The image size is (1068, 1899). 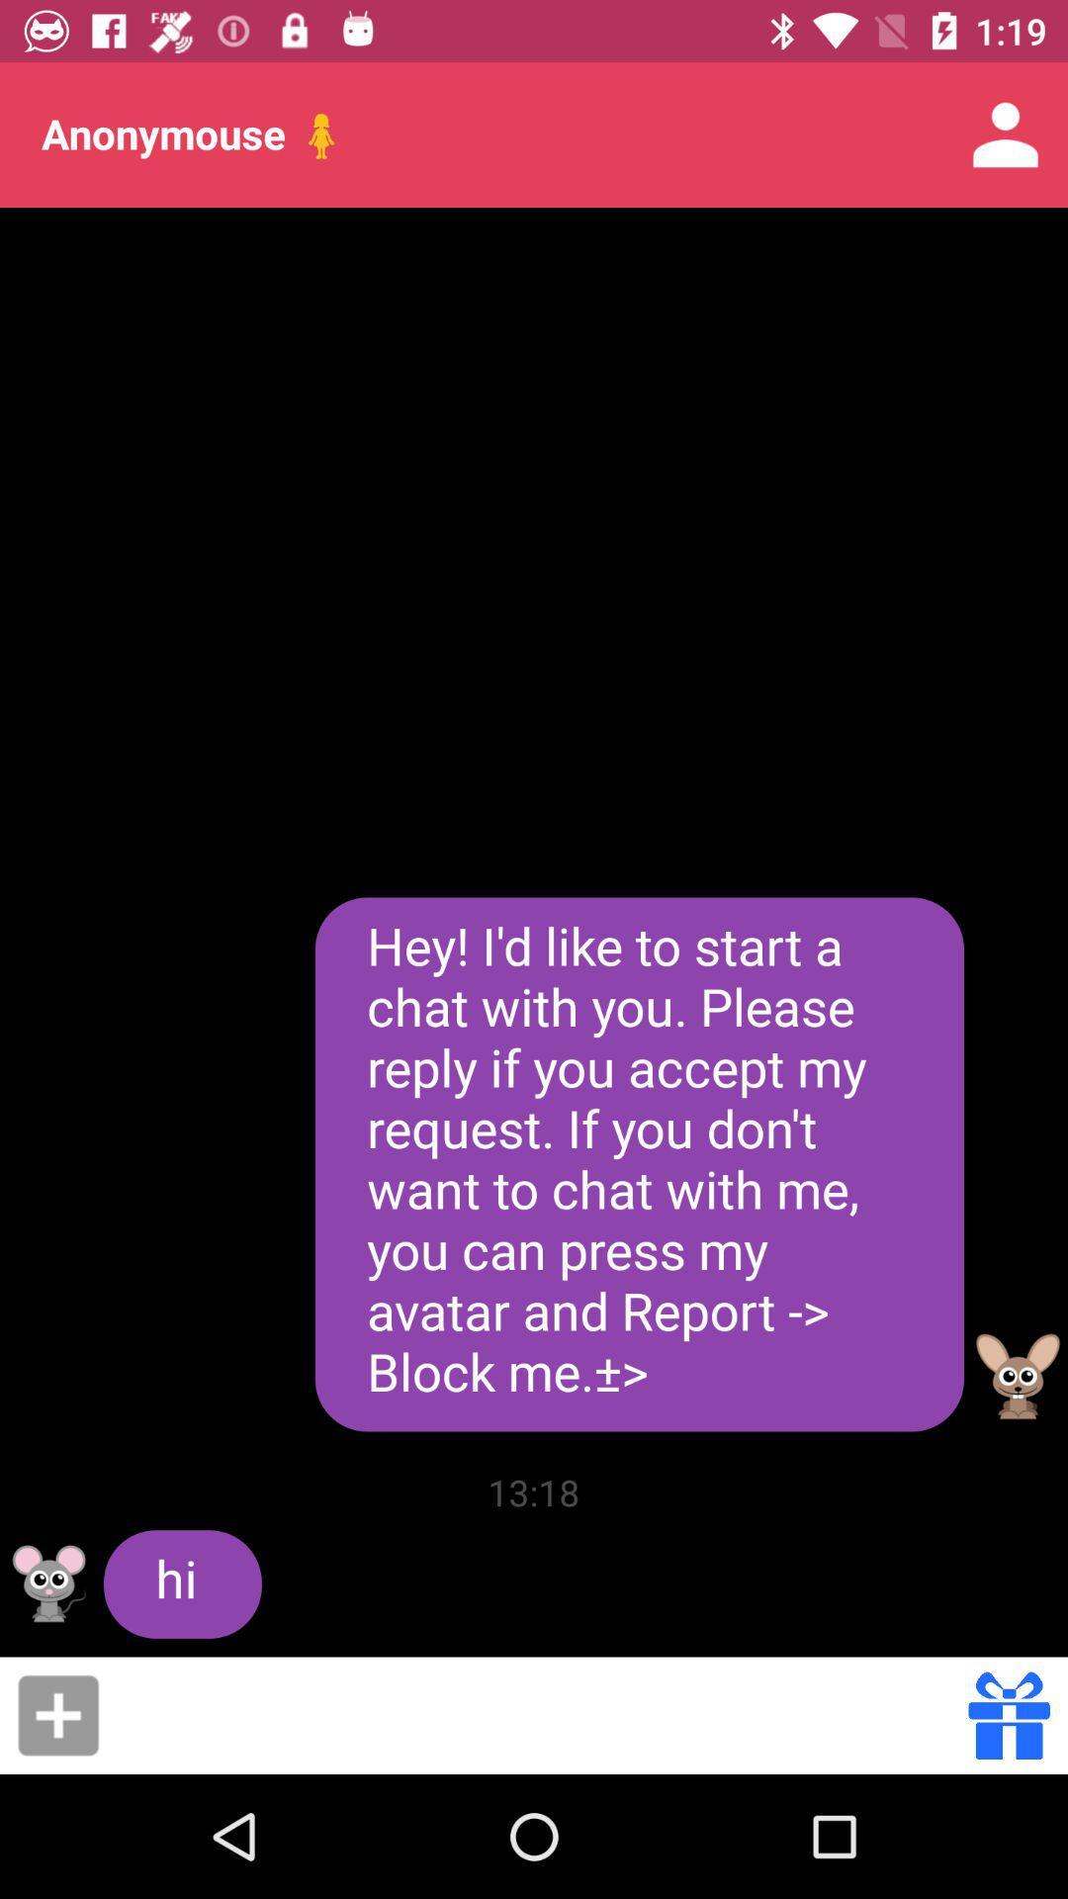 I want to click on the gift icon, so click(x=1009, y=1714).